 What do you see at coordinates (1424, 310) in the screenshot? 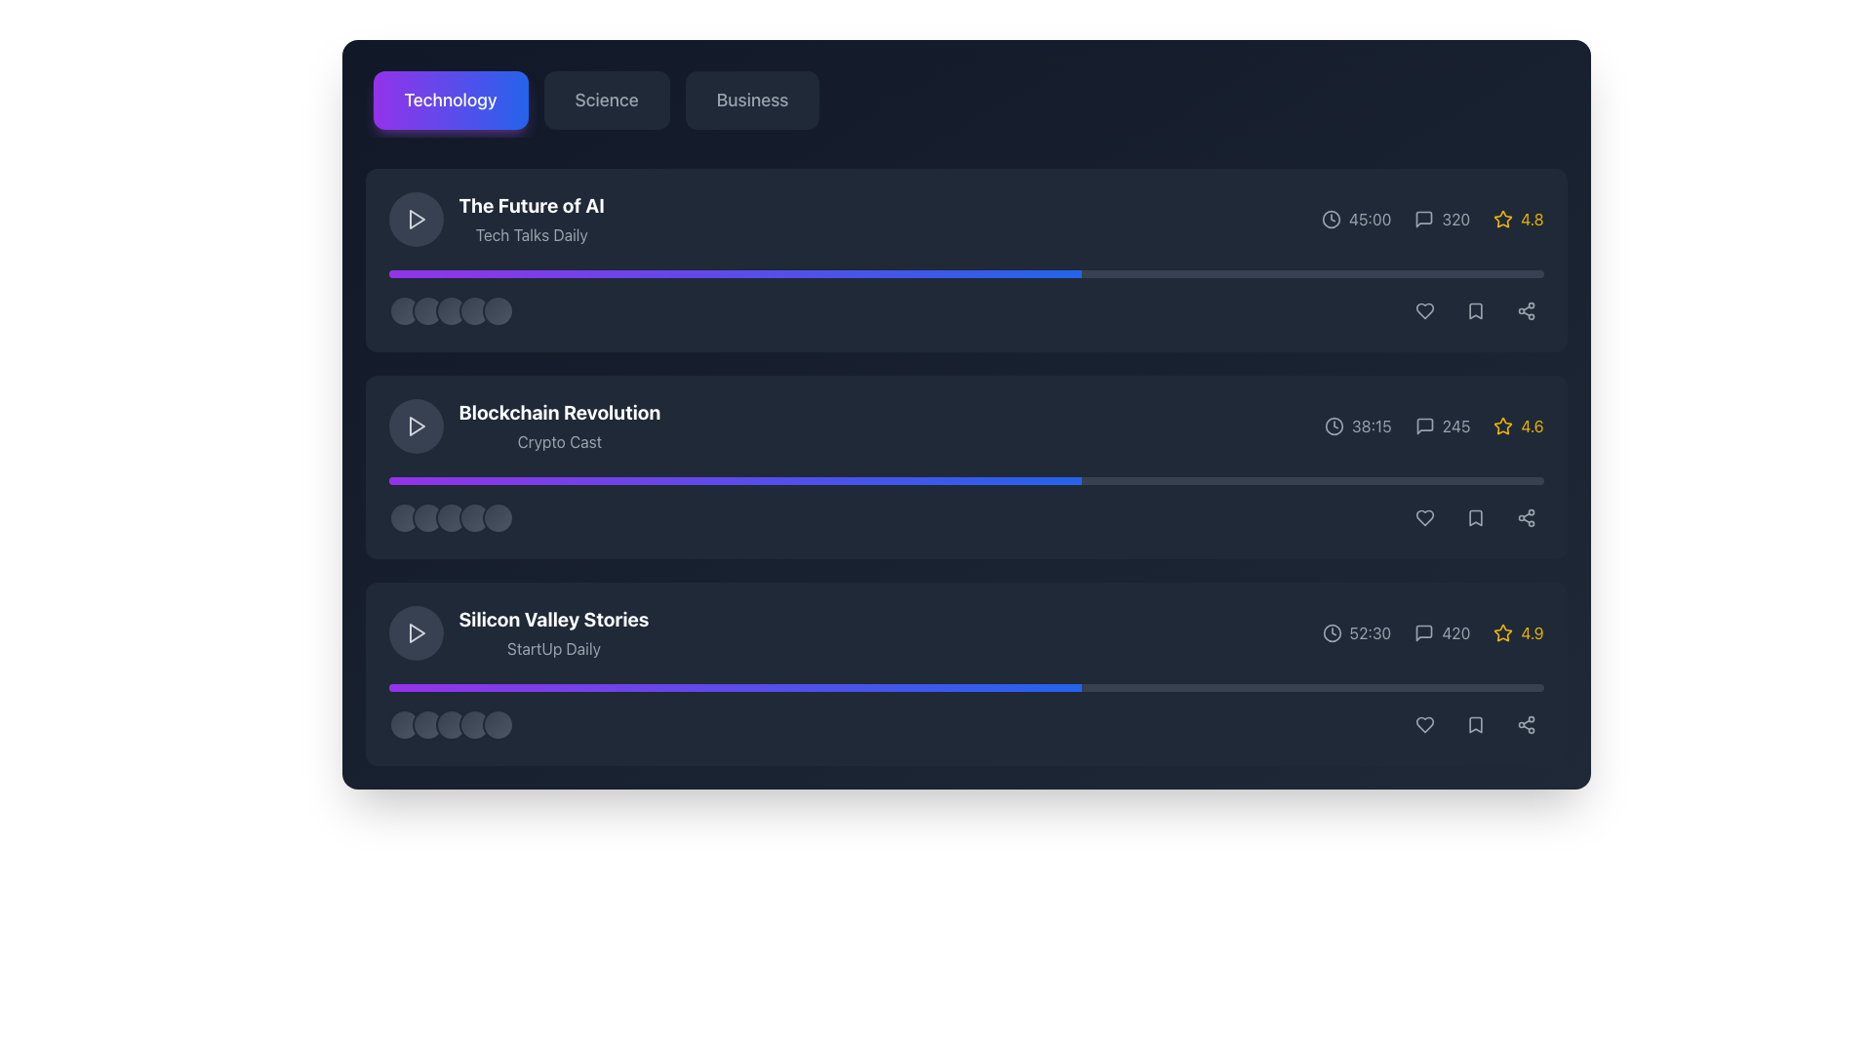
I see `the heart-shaped icon representing a 'like' action for the 'Blockchain Revolution' podcast` at bounding box center [1424, 310].